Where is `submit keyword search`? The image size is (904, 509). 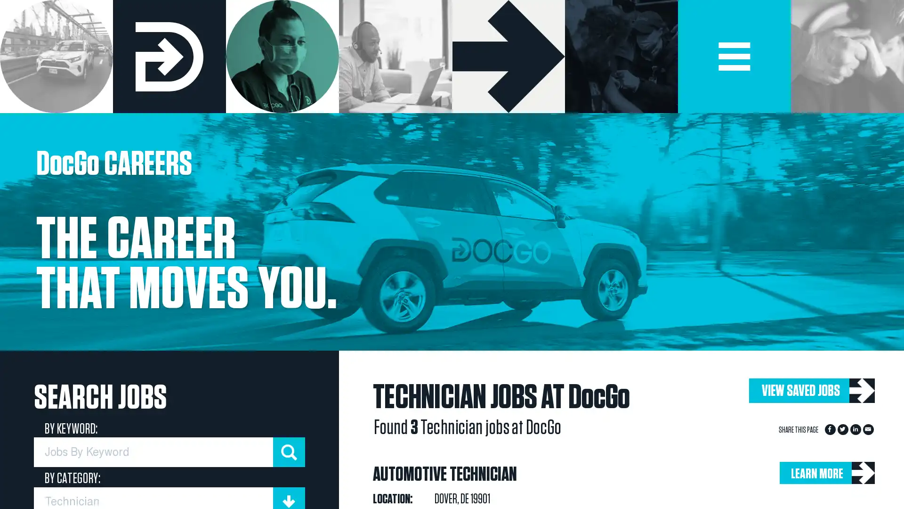
submit keyword search is located at coordinates (289, 452).